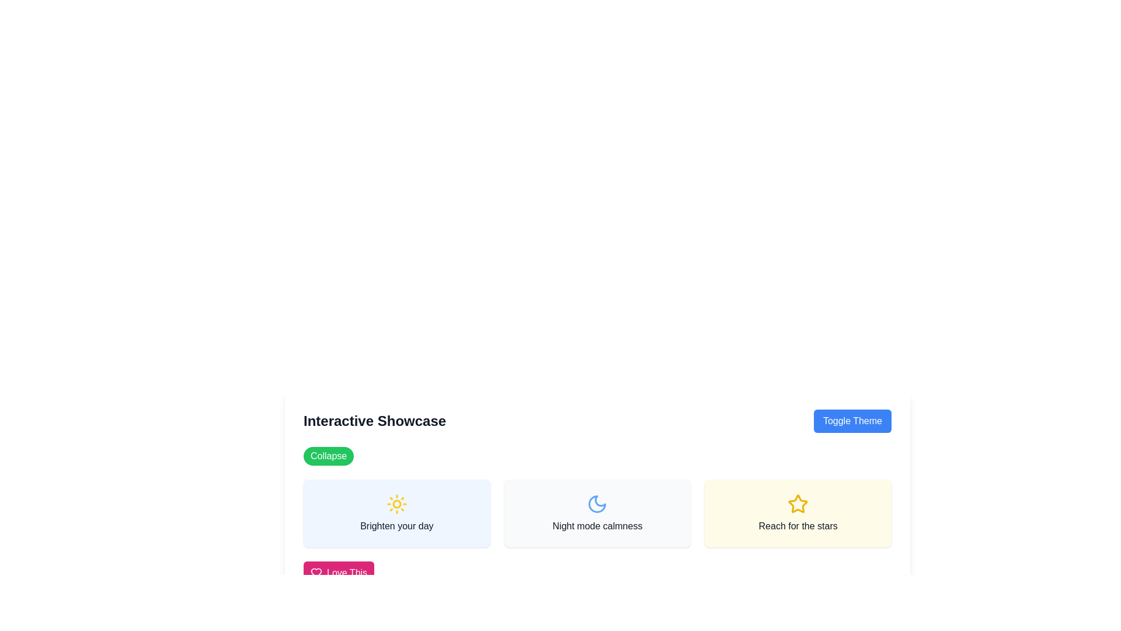  I want to click on the text label displaying 'Night mode calmness', which is styled in a clear font and located beneath a moon icon in a tile-like structure, so click(597, 526).